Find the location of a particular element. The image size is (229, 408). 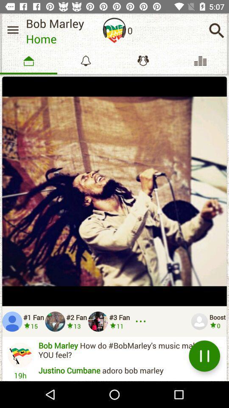

and pause button is located at coordinates (204, 356).